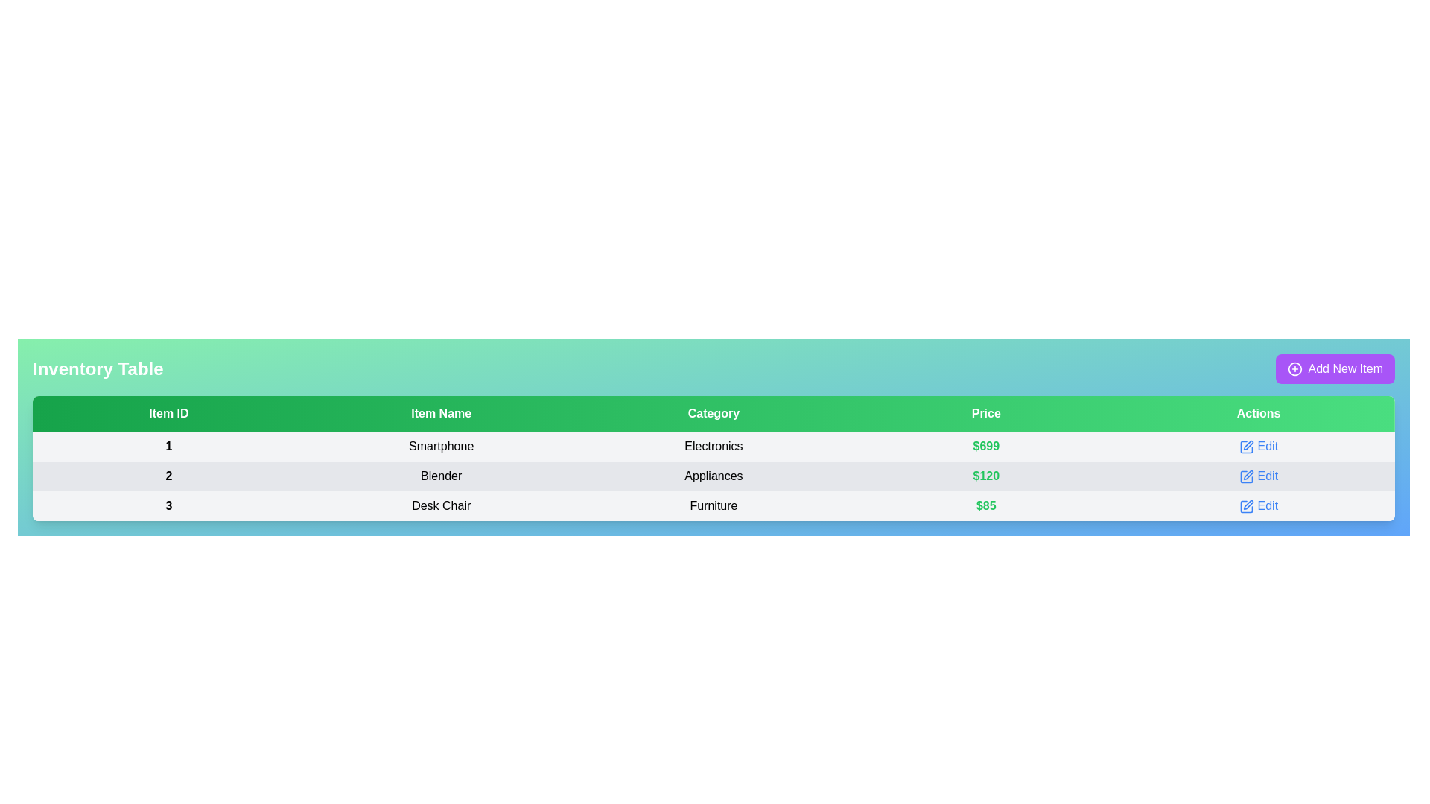  What do you see at coordinates (1258, 476) in the screenshot?
I see `the 'Edit' button for the item 'Blender' in the Actions column of the table, which features blue text and a pen icon` at bounding box center [1258, 476].